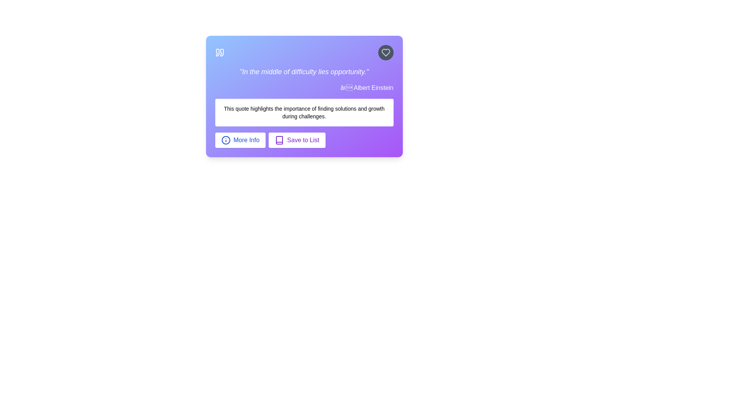 This screenshot has height=415, width=738. I want to click on the stylized heart icon with a hollow center outlined in gray, so click(386, 52).